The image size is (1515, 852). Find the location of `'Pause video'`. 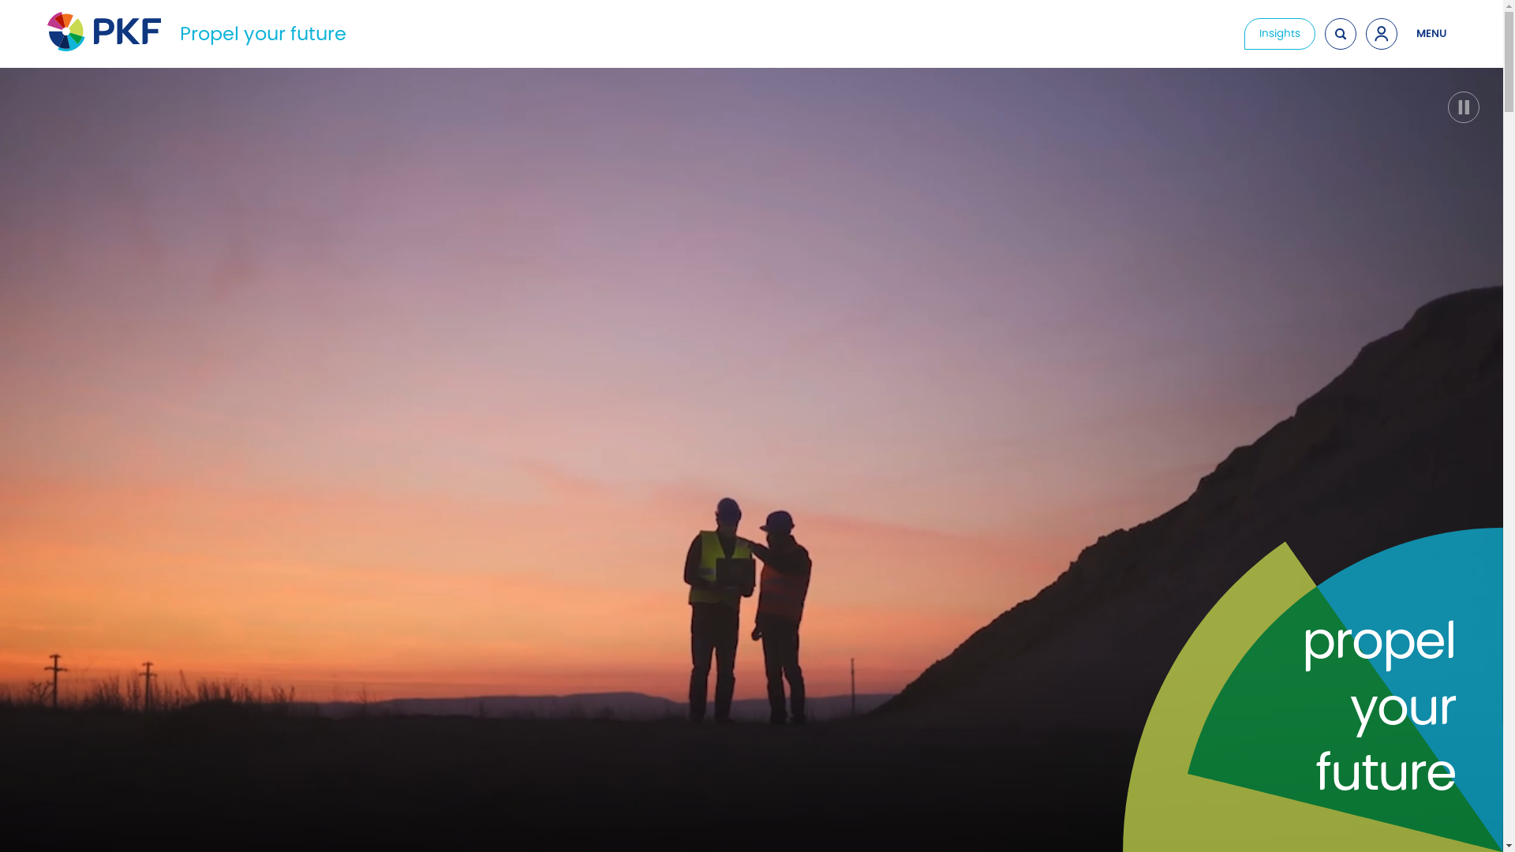

'Pause video' is located at coordinates (1462, 106).